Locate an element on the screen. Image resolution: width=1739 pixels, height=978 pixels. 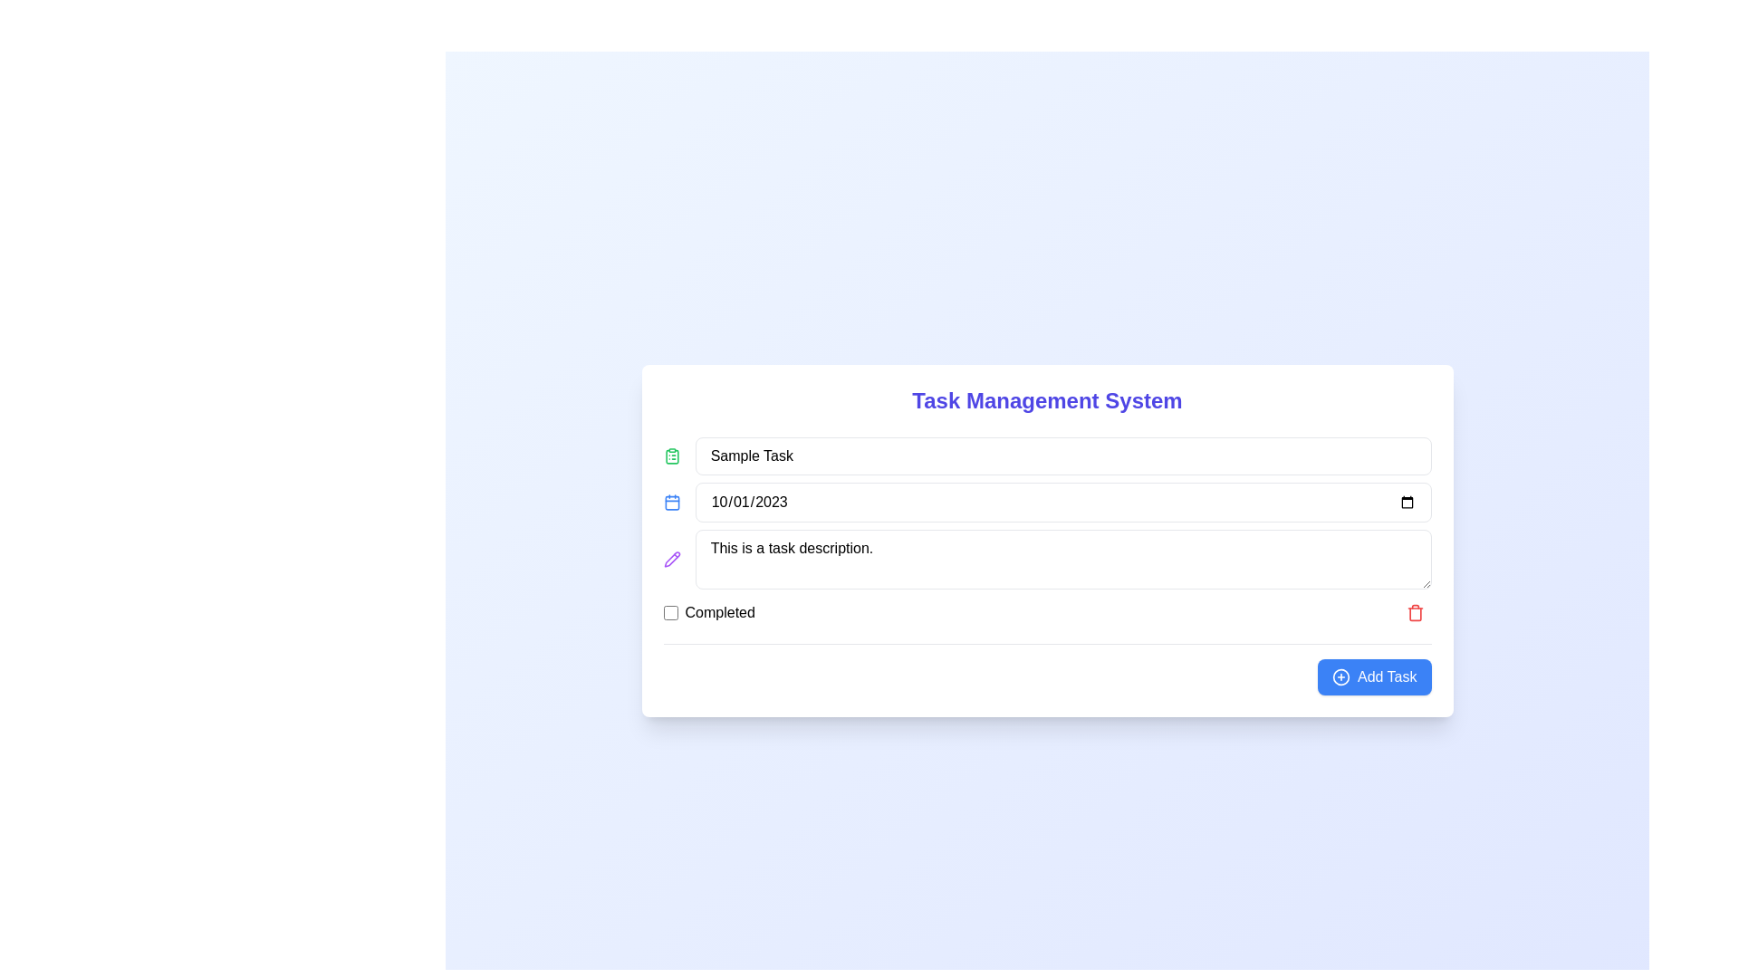
the delete button located at the far right of the 'Completed' section to initiate a delete action is located at coordinates (1414, 611).